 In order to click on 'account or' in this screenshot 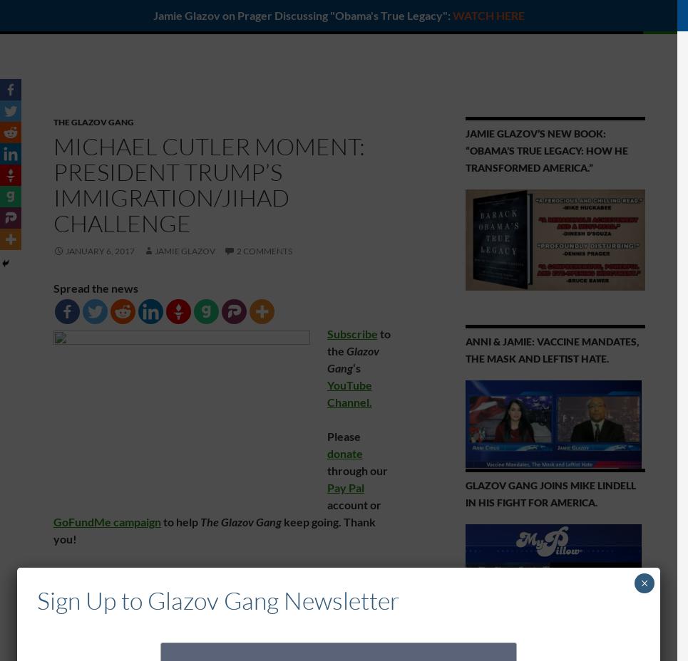, I will do `click(354, 504)`.